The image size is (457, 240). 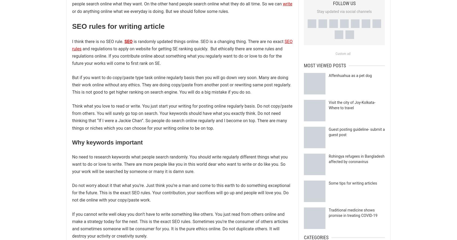 I want to click on 'Stay updated via social channels', so click(x=344, y=11).